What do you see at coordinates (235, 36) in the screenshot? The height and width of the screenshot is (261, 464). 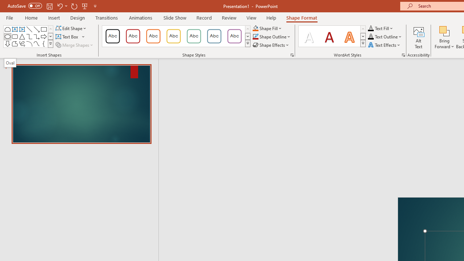 I see `'Colored Outline - Purple, Accent 6'` at bounding box center [235, 36].